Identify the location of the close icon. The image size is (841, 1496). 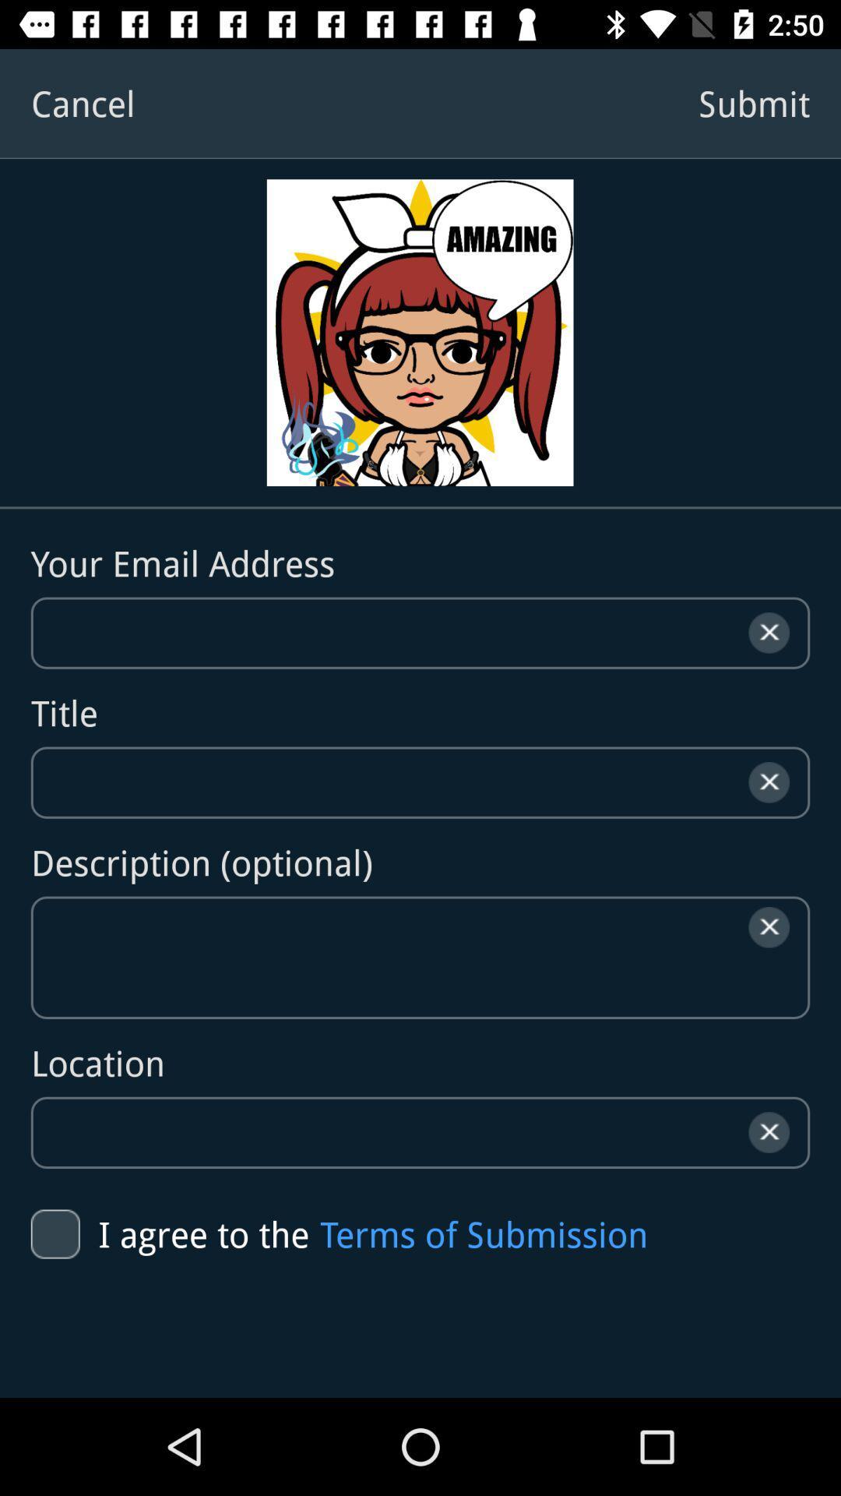
(768, 782).